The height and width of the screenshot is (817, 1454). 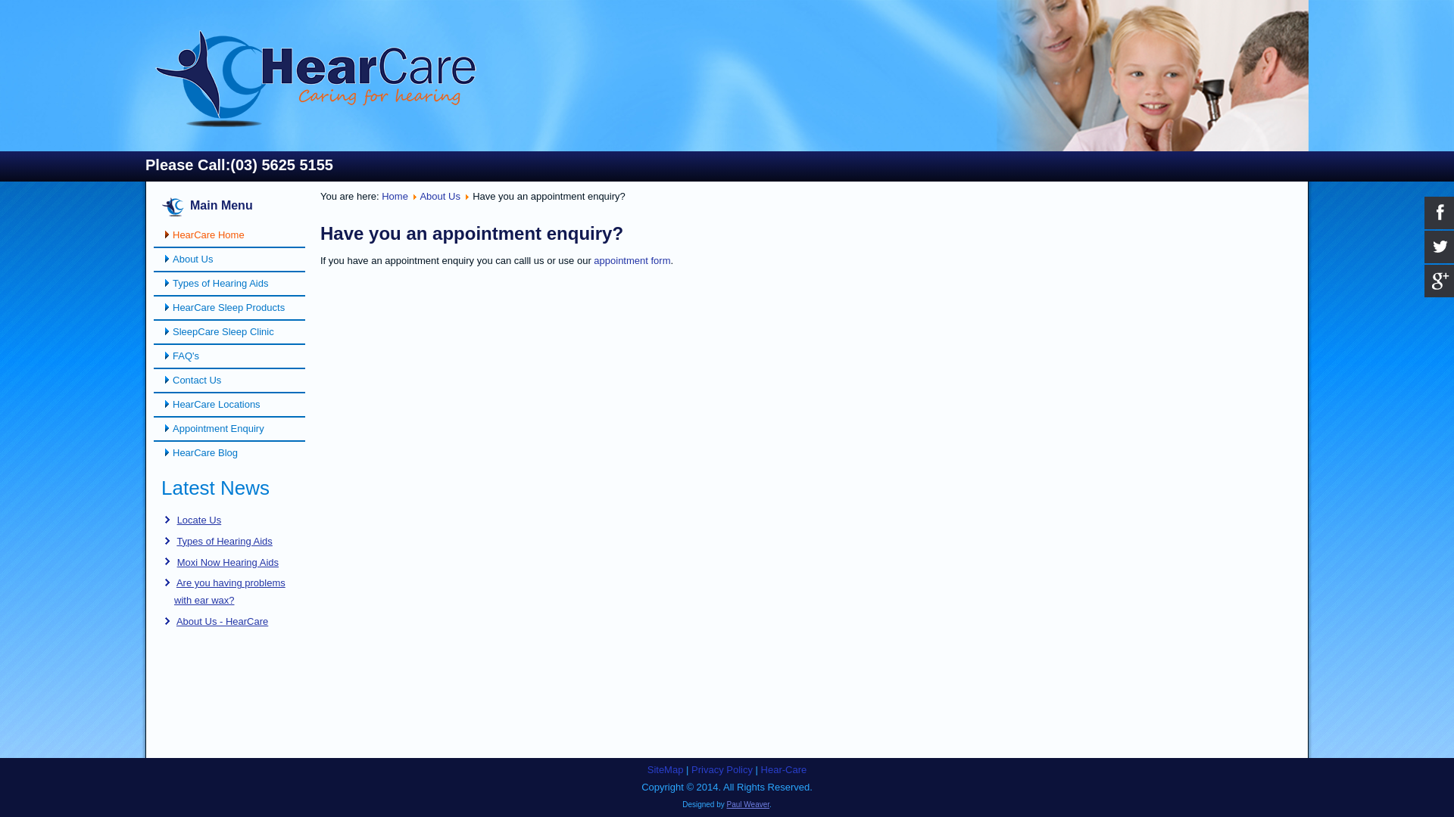 What do you see at coordinates (382, 195) in the screenshot?
I see `'Home'` at bounding box center [382, 195].